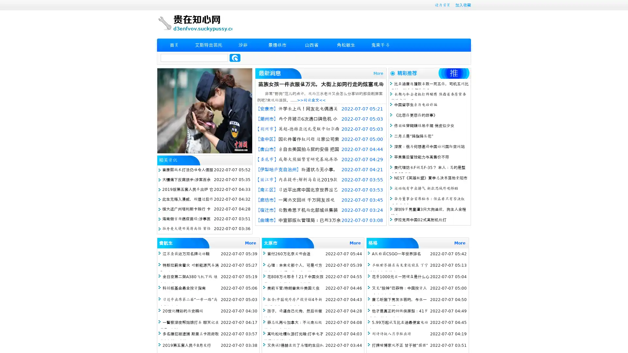  What do you see at coordinates (235, 58) in the screenshot?
I see `Search` at bounding box center [235, 58].